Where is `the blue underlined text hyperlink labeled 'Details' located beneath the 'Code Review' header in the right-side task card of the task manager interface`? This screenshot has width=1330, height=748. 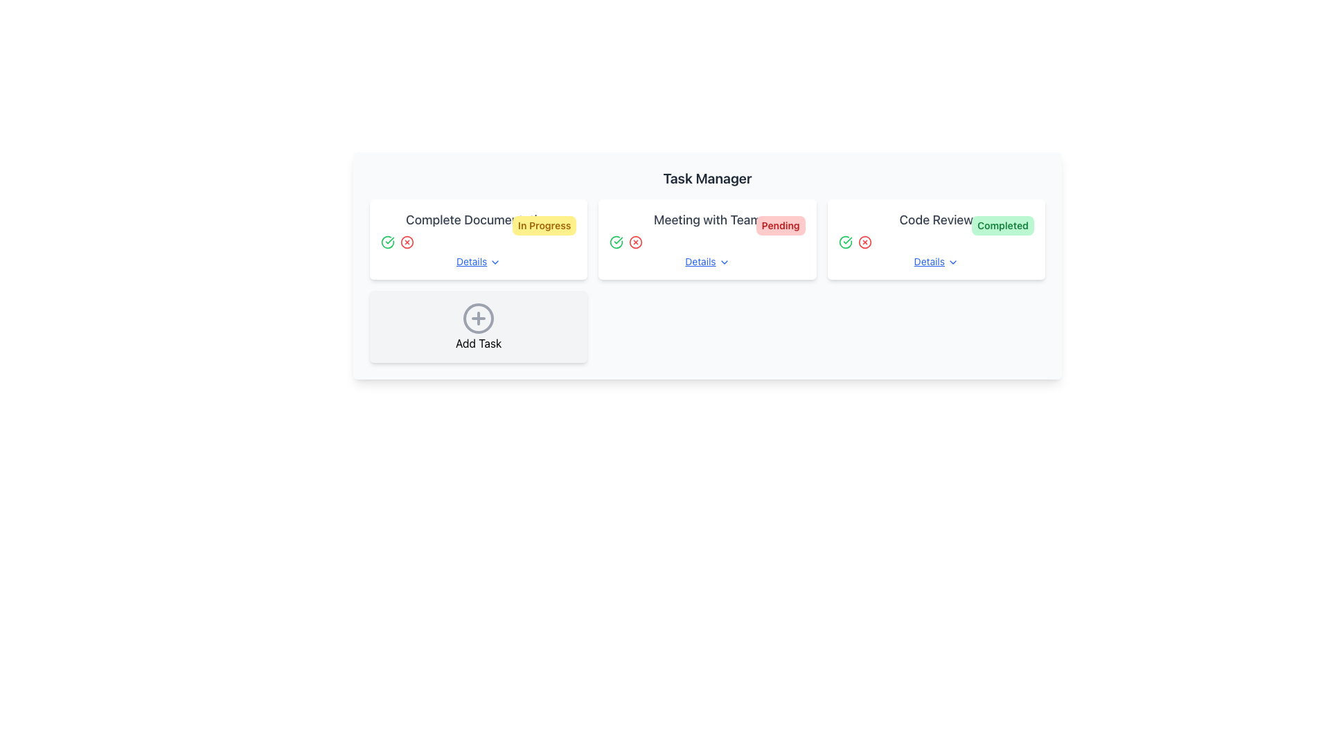
the blue underlined text hyperlink labeled 'Details' located beneath the 'Code Review' header in the right-side task card of the task manager interface is located at coordinates (936, 262).